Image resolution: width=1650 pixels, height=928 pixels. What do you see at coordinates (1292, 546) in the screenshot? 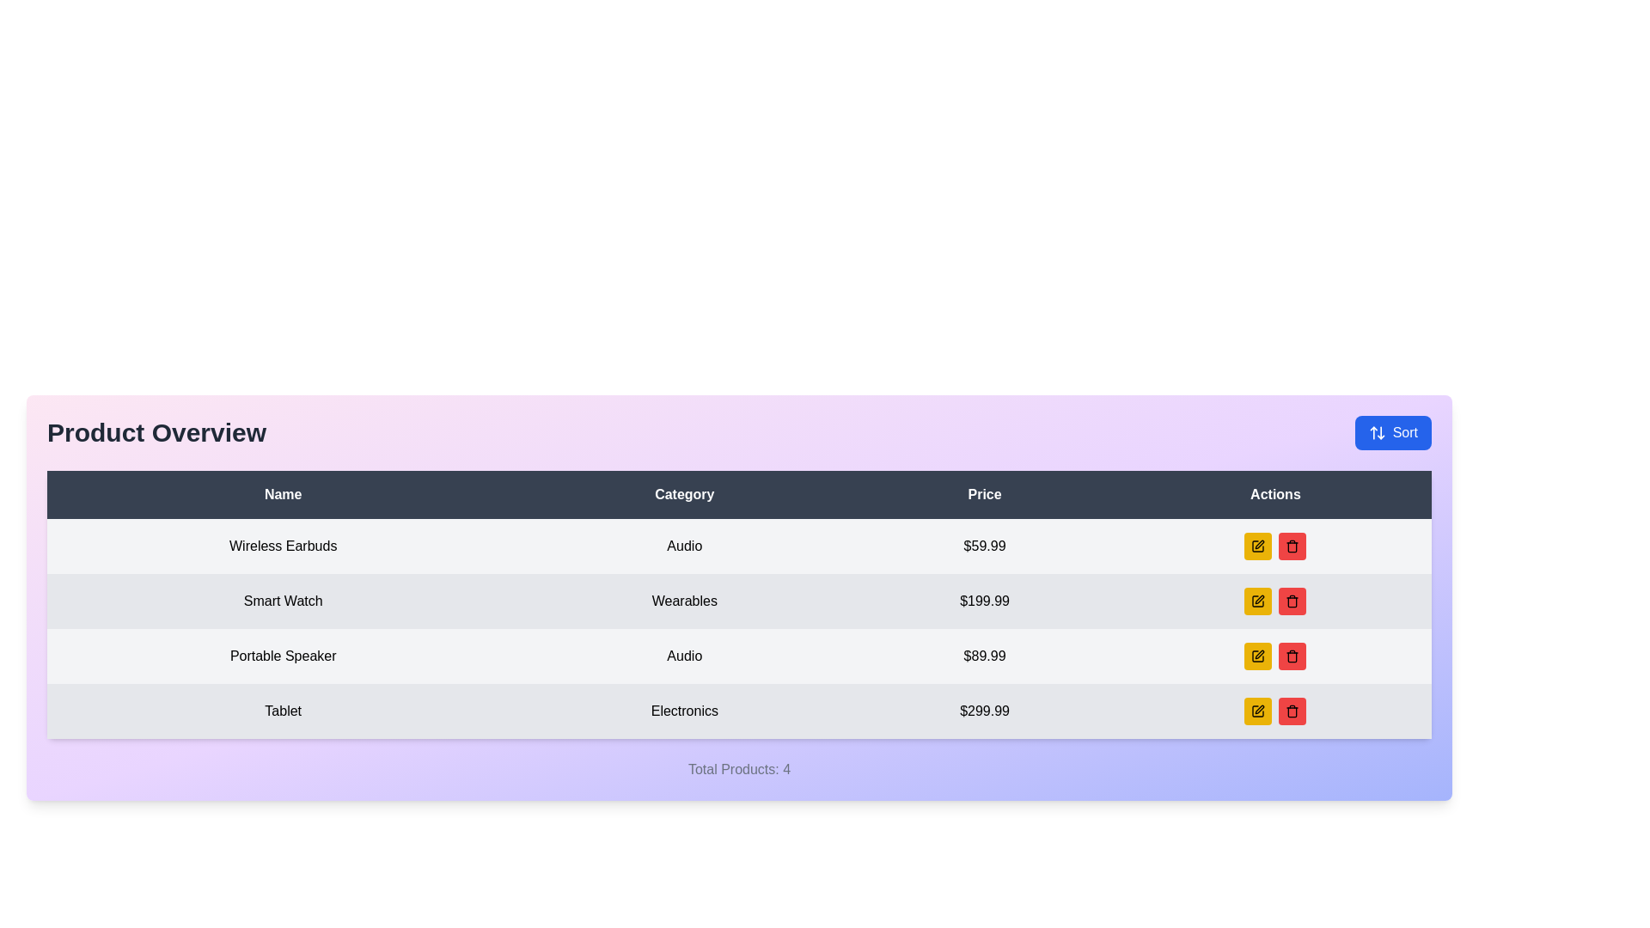
I see `the delete button located in the 'Actions' column of the third row of the table, which is to the right of the edit button for the 'Portable Speaker' item` at bounding box center [1292, 546].